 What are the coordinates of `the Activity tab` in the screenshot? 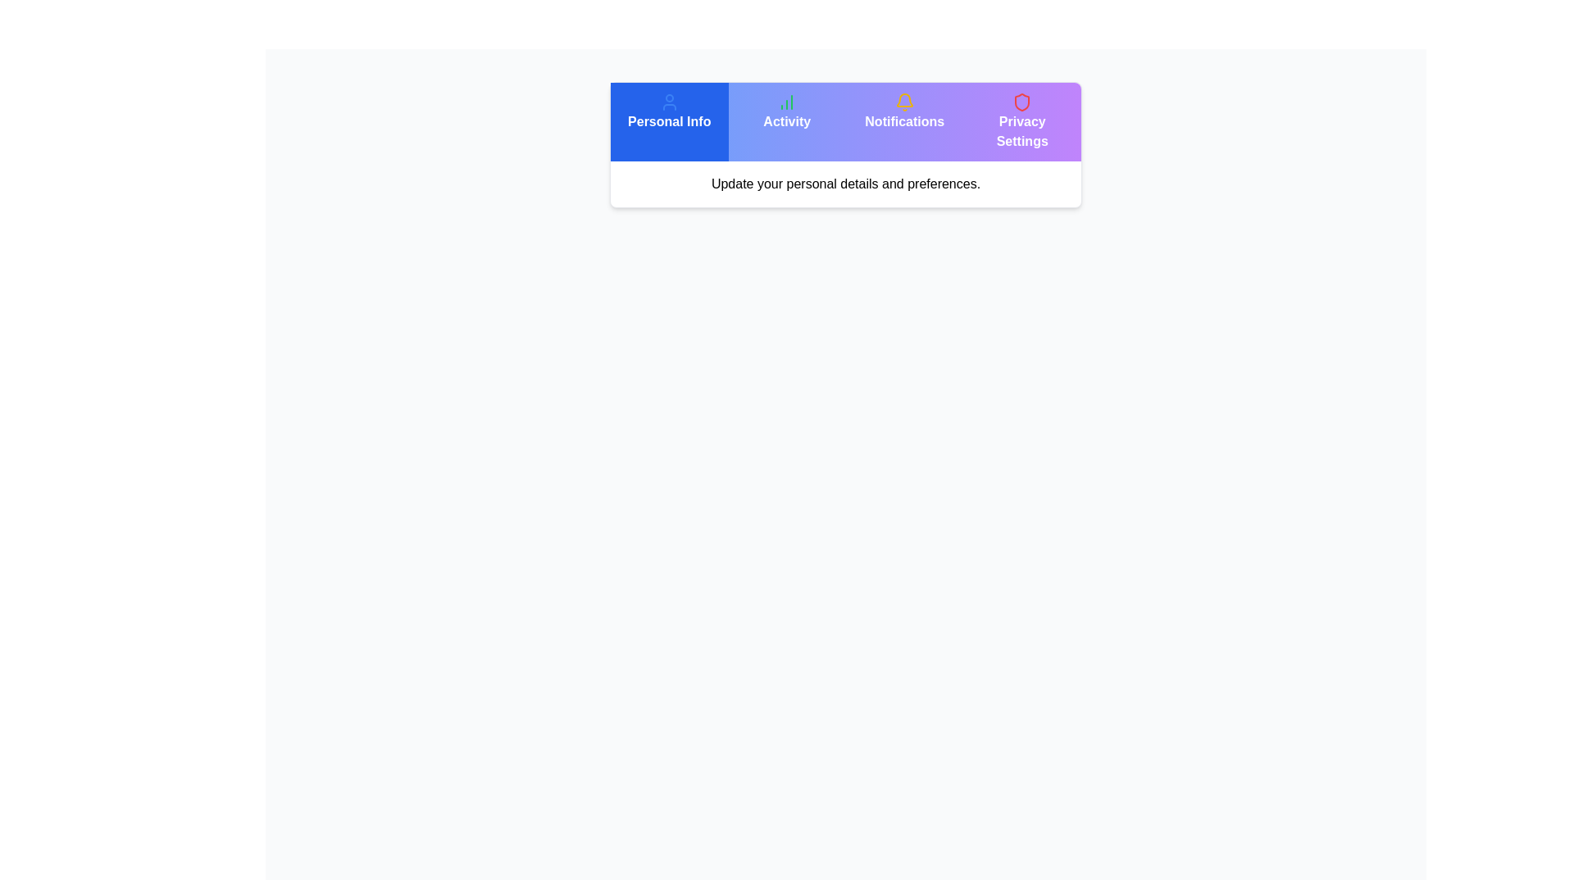 It's located at (787, 121).